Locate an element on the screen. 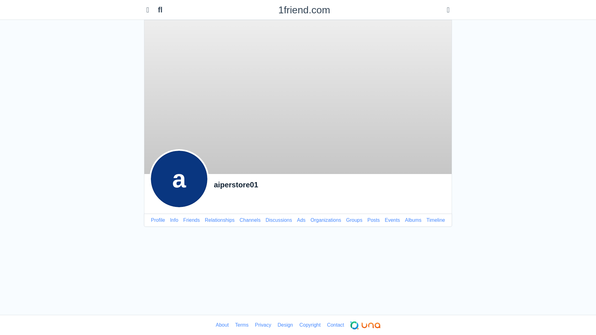 This screenshot has height=335, width=596. 'Powered by UNA Community Management System' is located at coordinates (365, 325).